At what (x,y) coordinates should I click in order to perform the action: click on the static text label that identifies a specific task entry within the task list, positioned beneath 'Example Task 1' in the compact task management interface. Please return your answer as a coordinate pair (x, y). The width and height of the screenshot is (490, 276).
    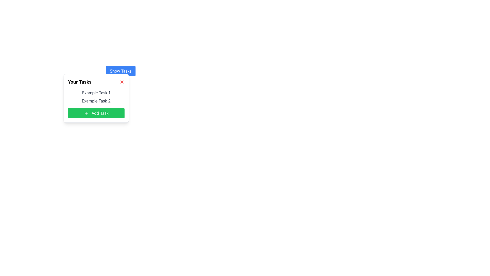
    Looking at the image, I should click on (96, 101).